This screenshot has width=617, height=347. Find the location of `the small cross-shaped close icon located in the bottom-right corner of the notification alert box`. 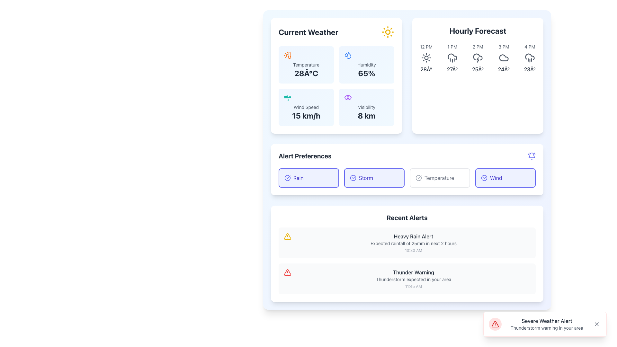

the small cross-shaped close icon located in the bottom-right corner of the notification alert box is located at coordinates (596, 324).